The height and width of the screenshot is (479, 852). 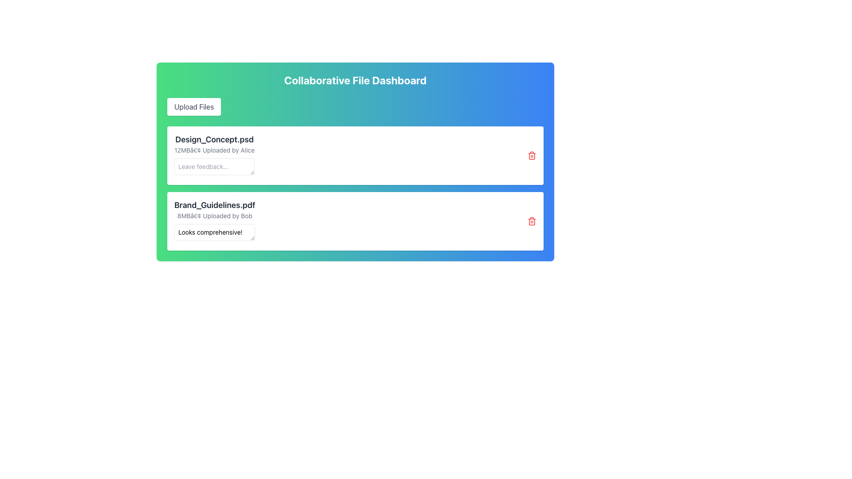 What do you see at coordinates (215, 216) in the screenshot?
I see `the textual information display element that shows details about the file 'Brand_Guidelines.pdf', positioned below its title and above the text area input` at bounding box center [215, 216].